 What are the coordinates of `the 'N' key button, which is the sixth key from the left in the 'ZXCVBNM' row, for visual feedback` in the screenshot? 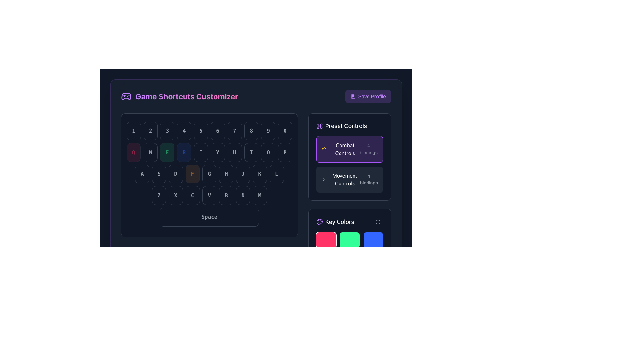 It's located at (243, 195).